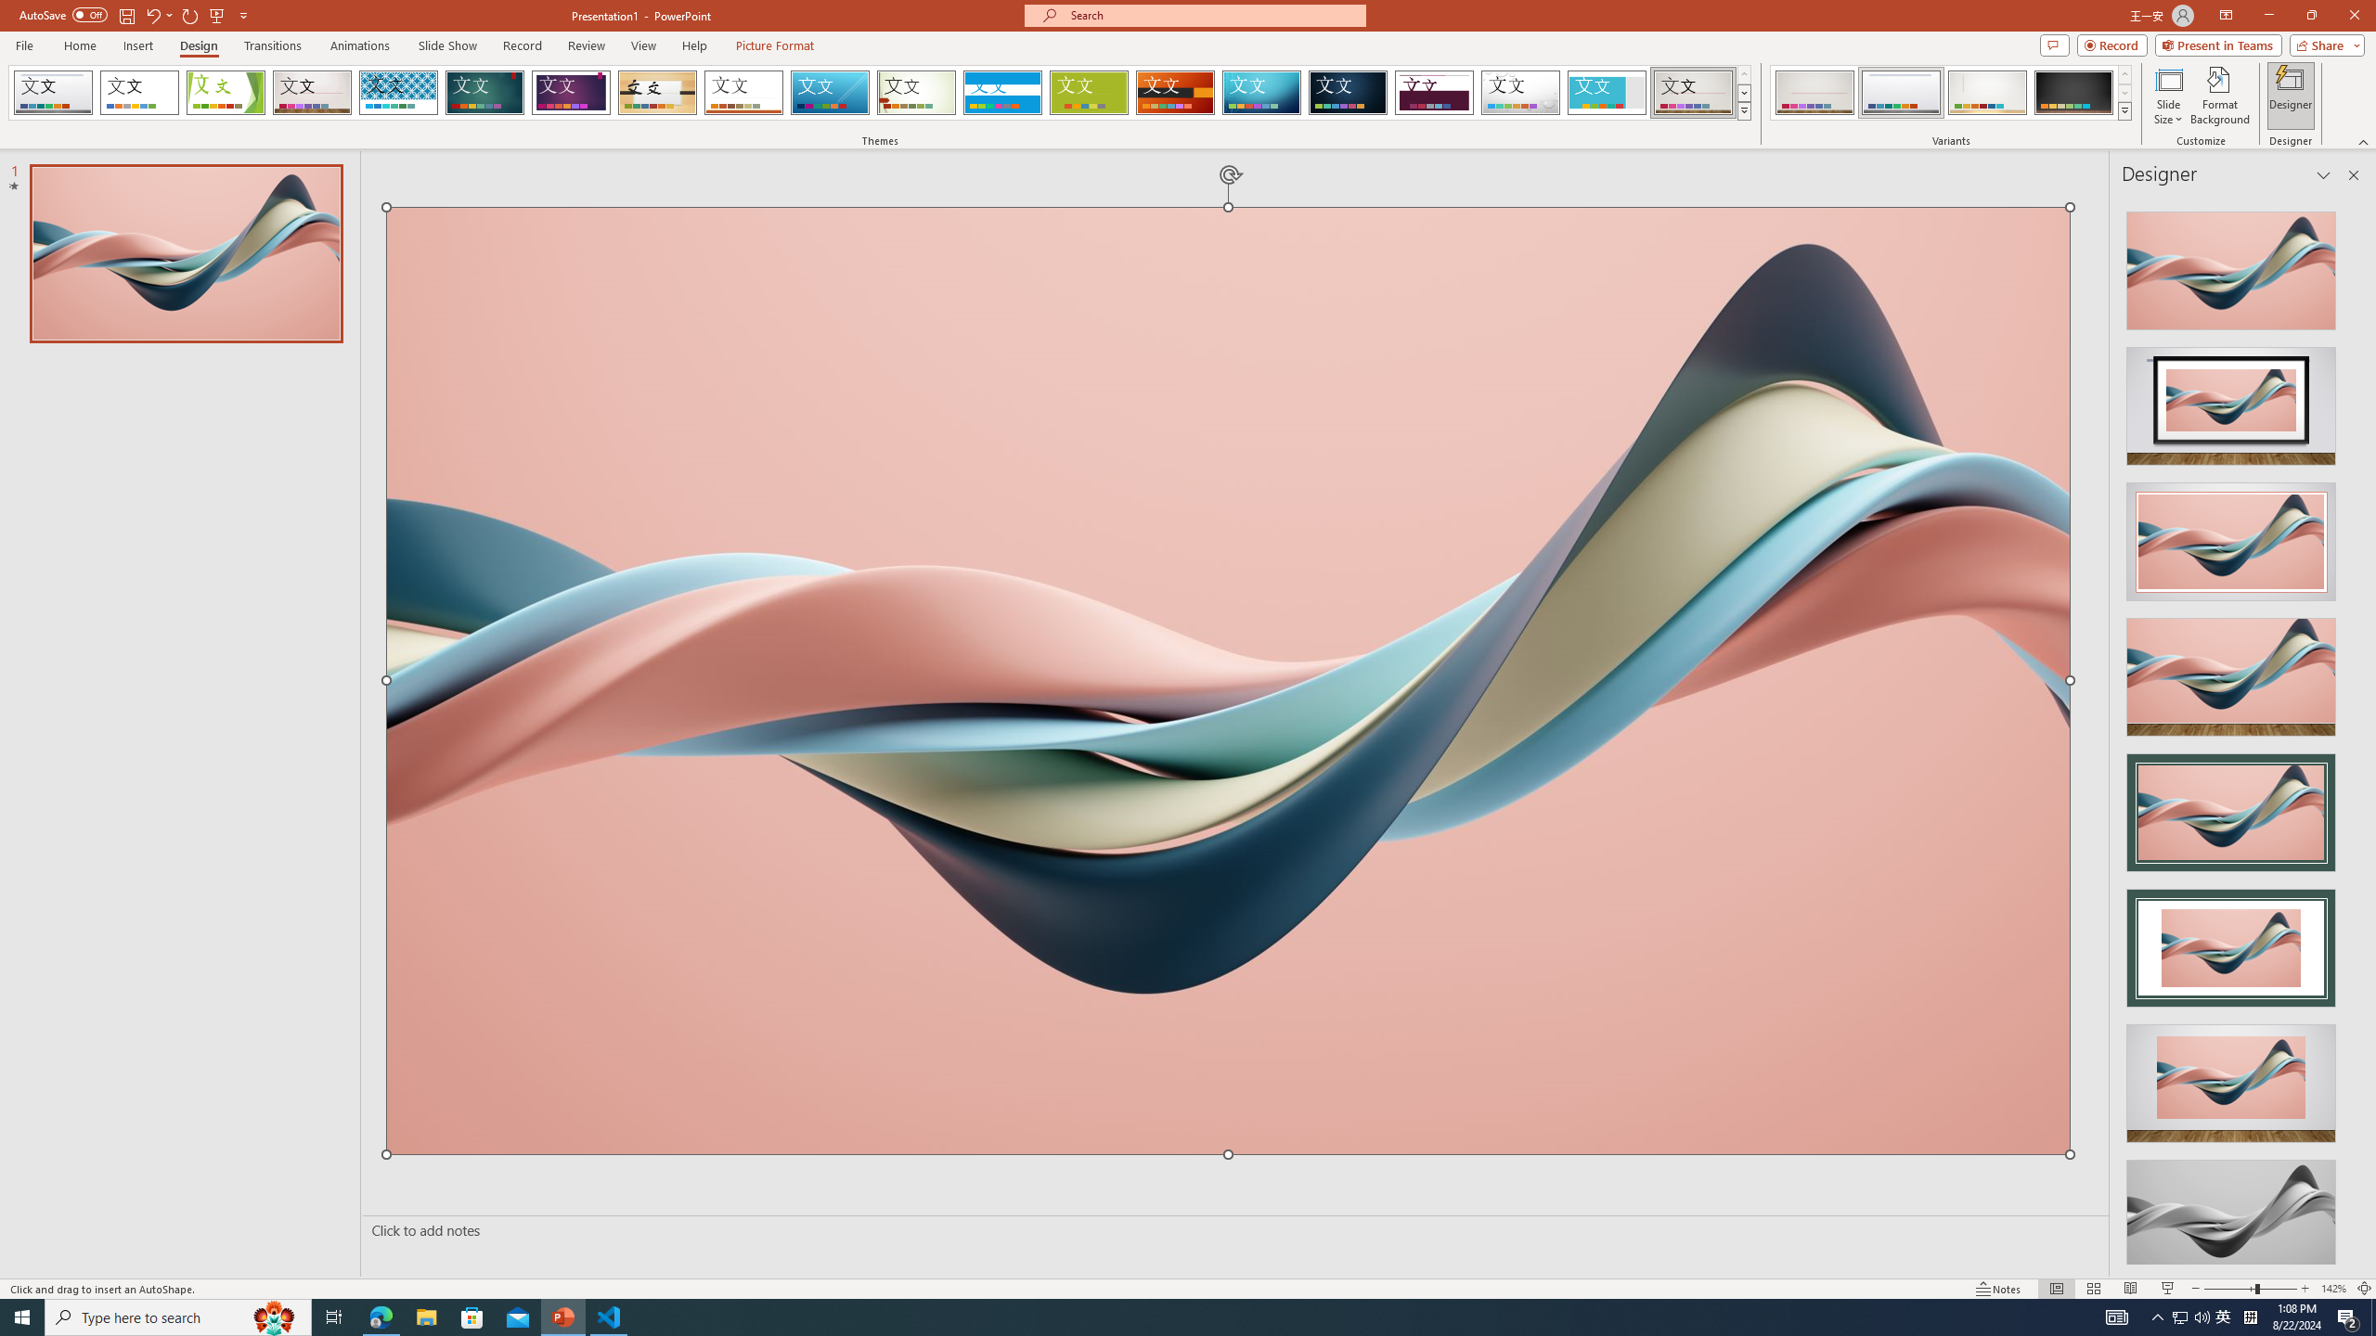 The width and height of the screenshot is (2376, 1336). Describe the element at coordinates (1986, 92) in the screenshot. I see `'Gallery Variant 3'` at that location.